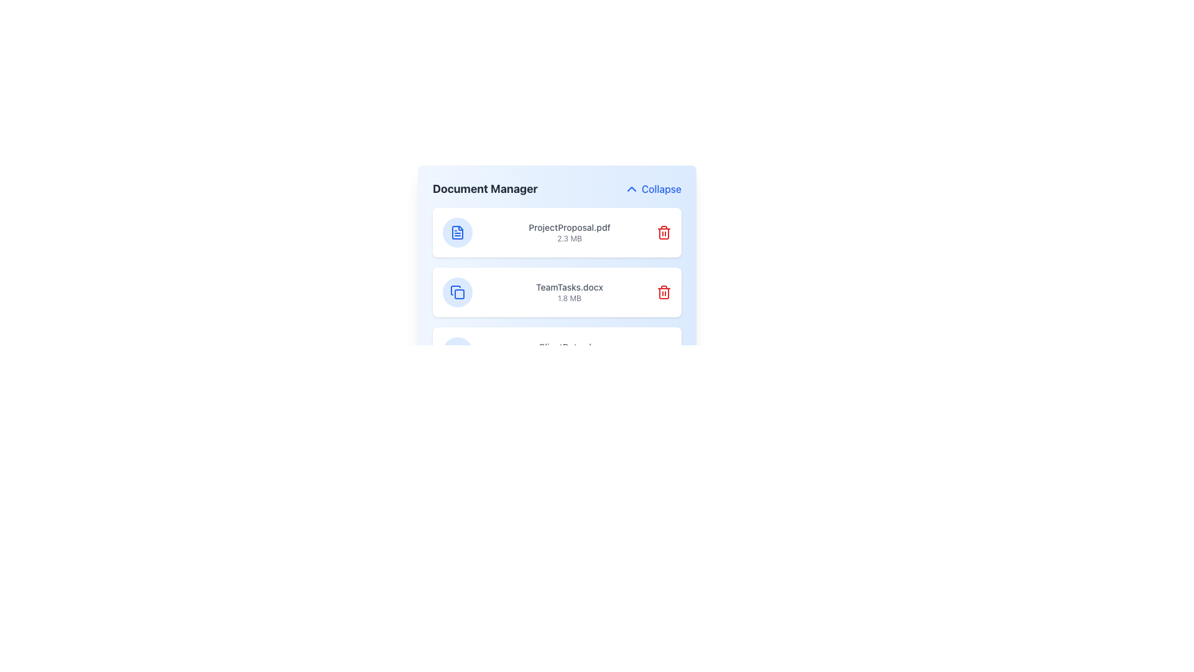 This screenshot has width=1194, height=672. What do you see at coordinates (456, 233) in the screenshot?
I see `the document icon styled in blue, which has a folded corner and is positioned to the left of 'ProjectProposal.pdf' in the 'Document Manager' interface` at bounding box center [456, 233].